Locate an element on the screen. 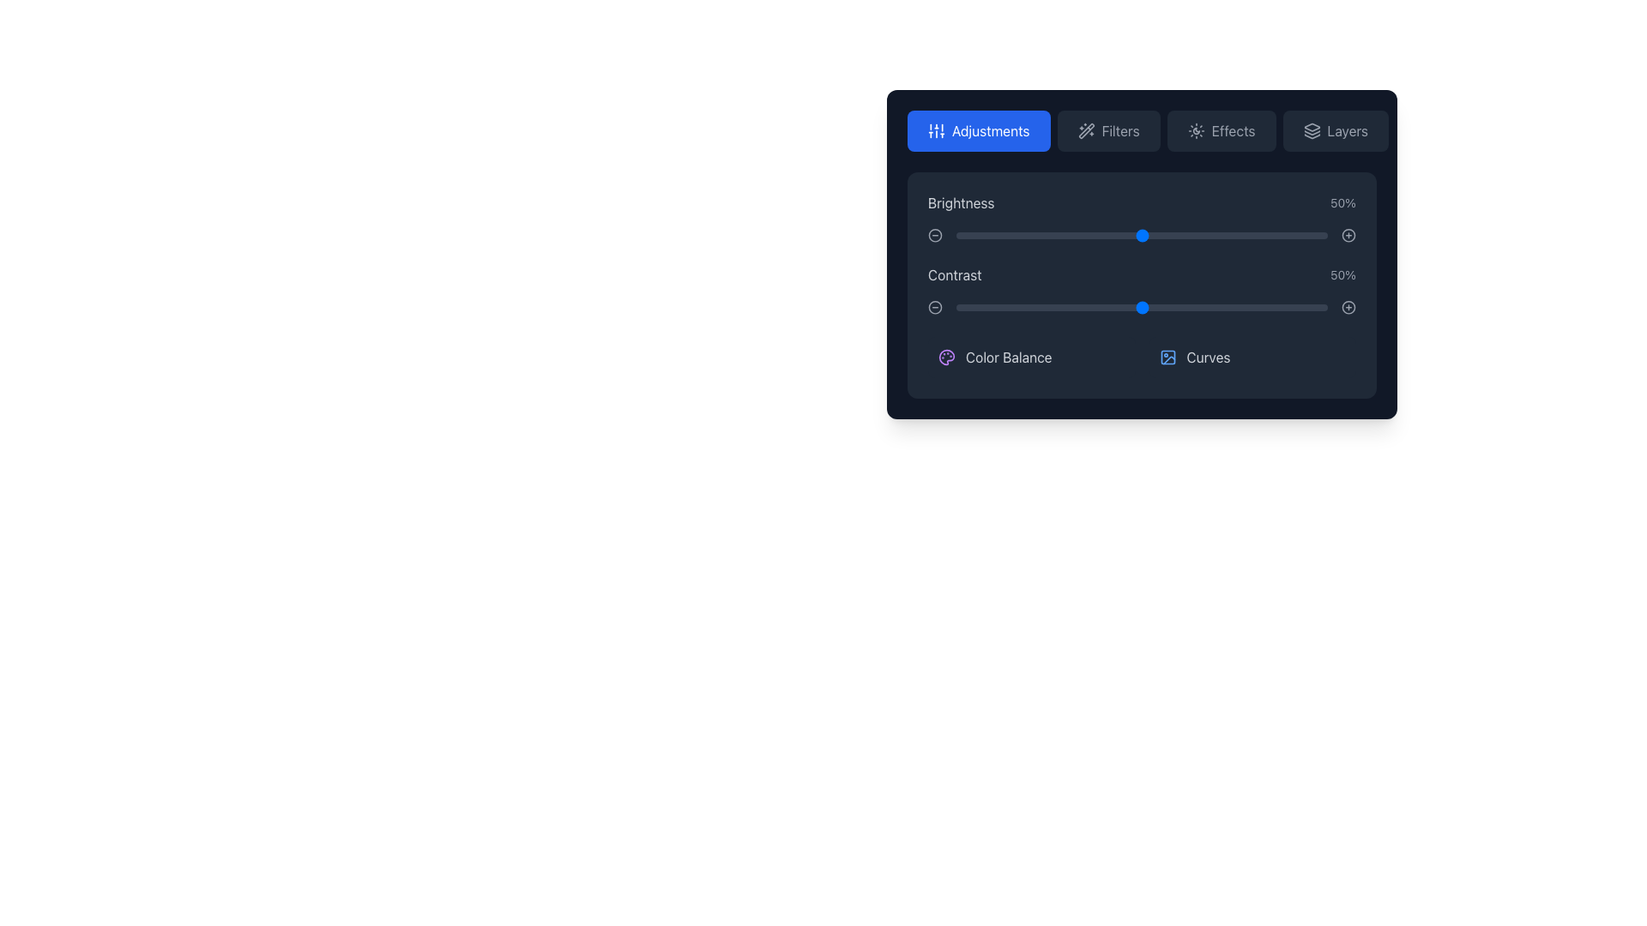  the current value displayed in the 'Contrast' text label, which shows '50%' and is located to the right of the 'Contrast' slider is located at coordinates (1342, 274).